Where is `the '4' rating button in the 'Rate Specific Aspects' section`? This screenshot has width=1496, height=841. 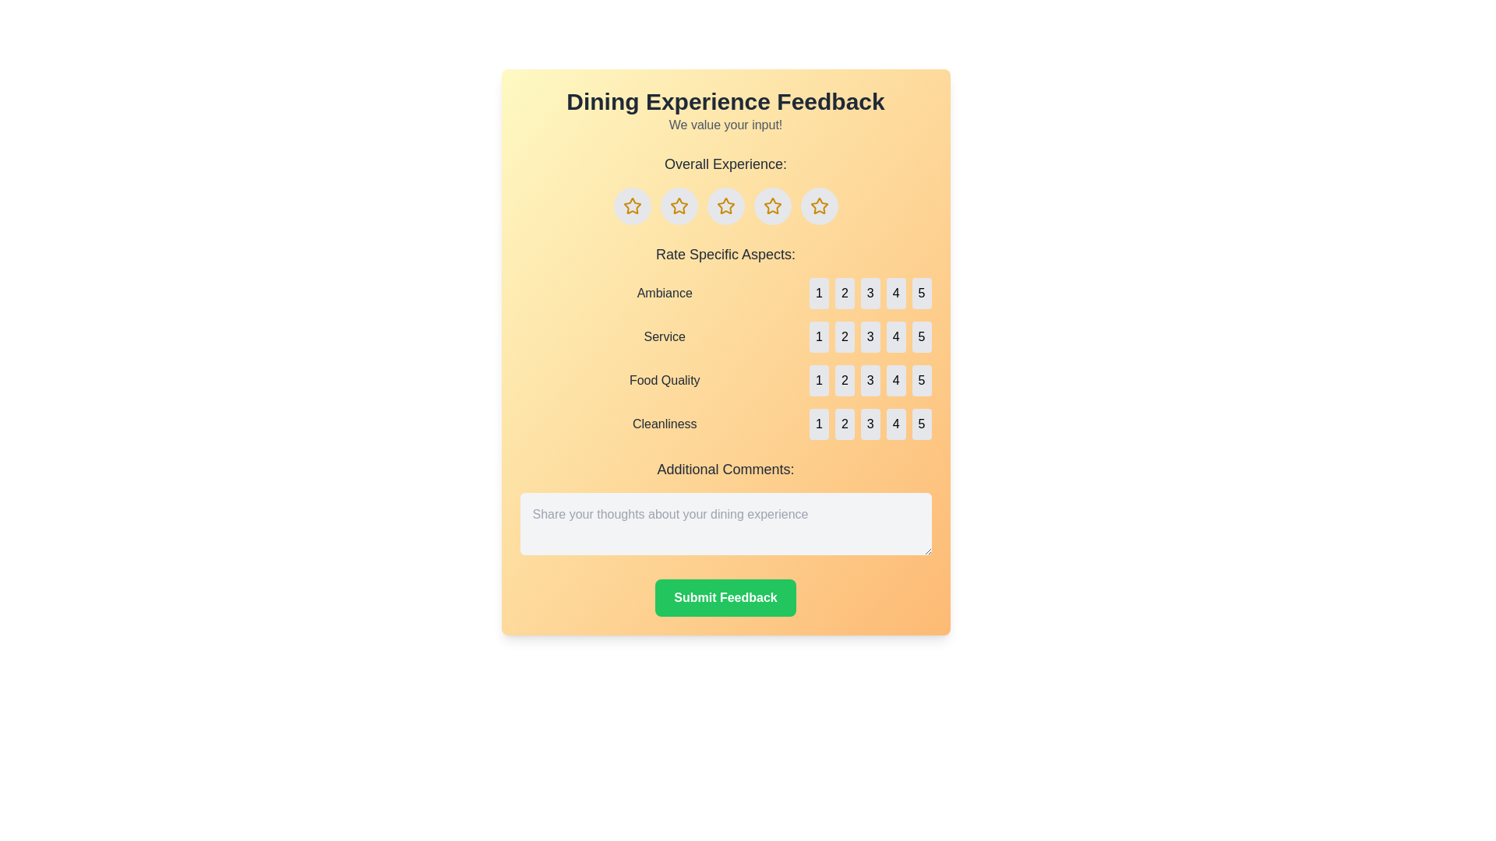 the '4' rating button in the 'Rate Specific Aspects' section is located at coordinates (896, 336).